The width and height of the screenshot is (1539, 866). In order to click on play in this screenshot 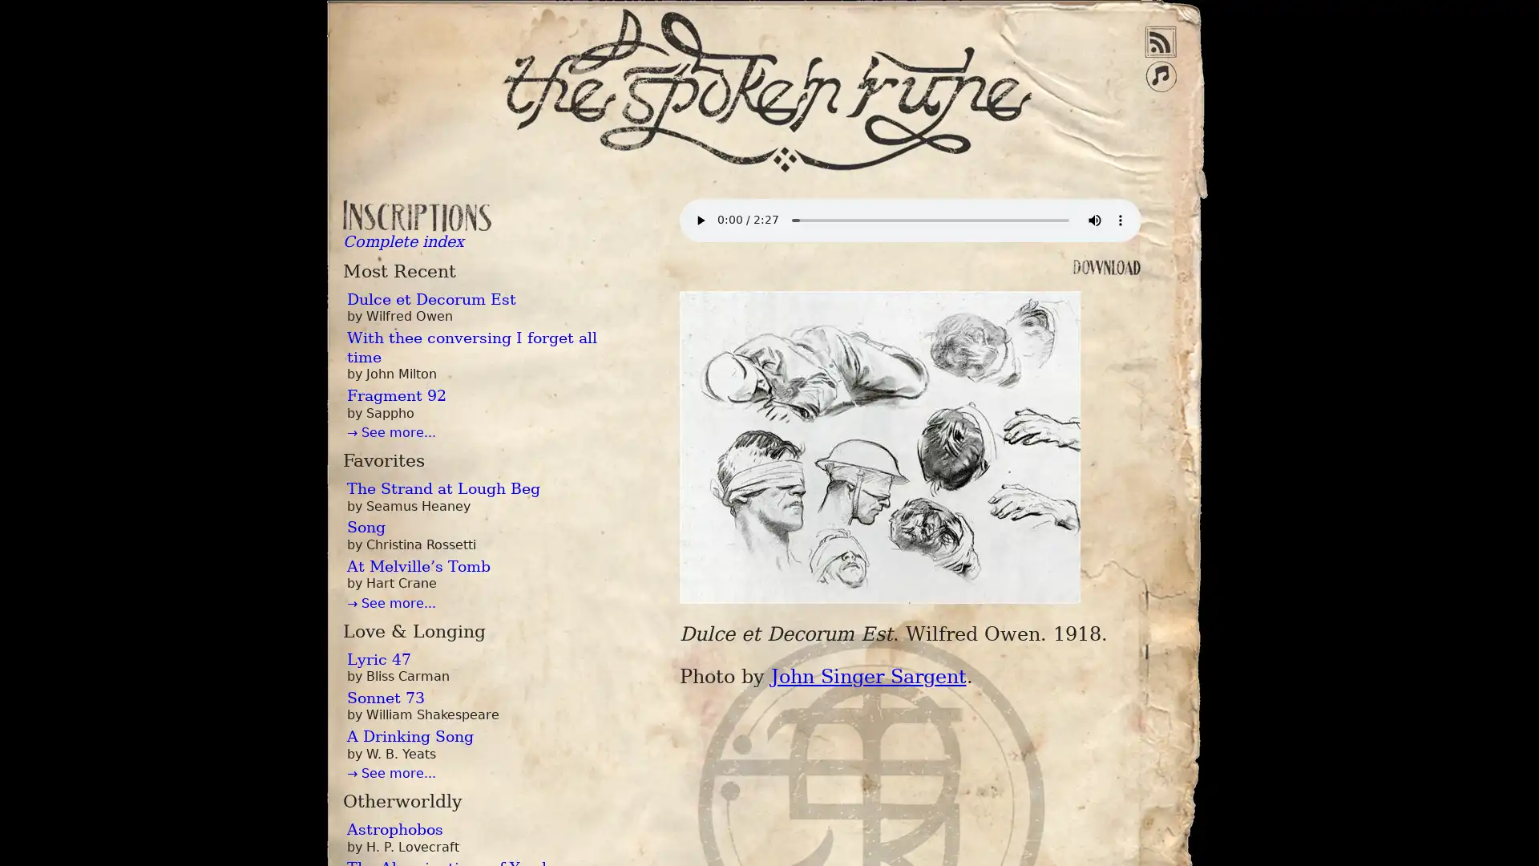, I will do `click(700, 220)`.